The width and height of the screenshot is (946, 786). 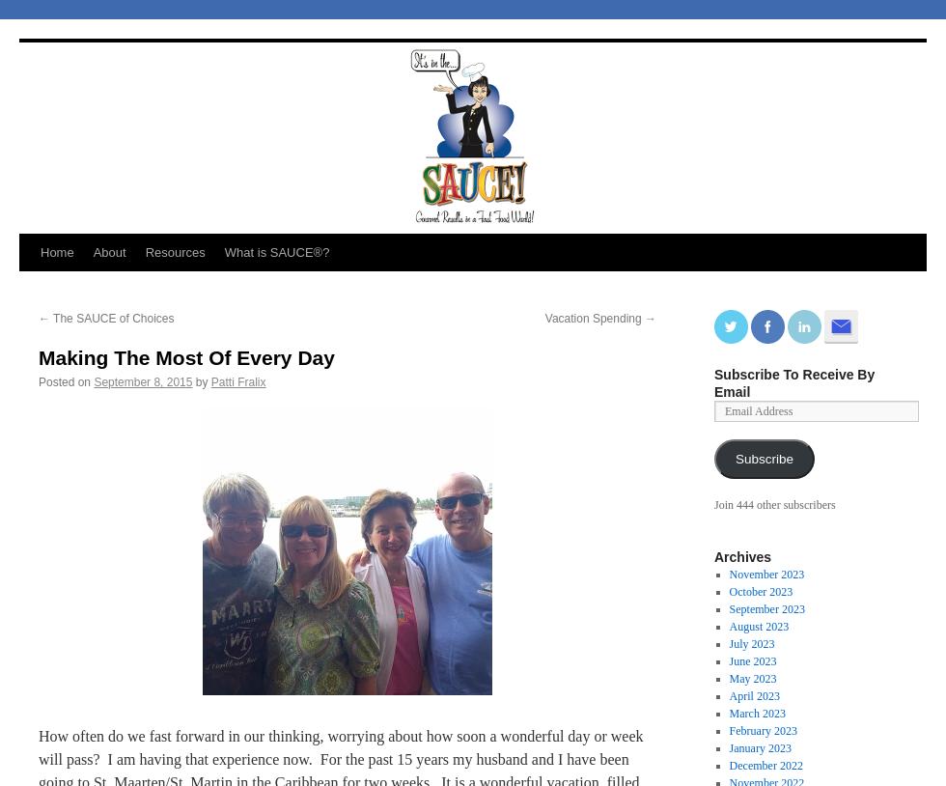 What do you see at coordinates (112, 318) in the screenshot?
I see `'The SAUCE of Choices'` at bounding box center [112, 318].